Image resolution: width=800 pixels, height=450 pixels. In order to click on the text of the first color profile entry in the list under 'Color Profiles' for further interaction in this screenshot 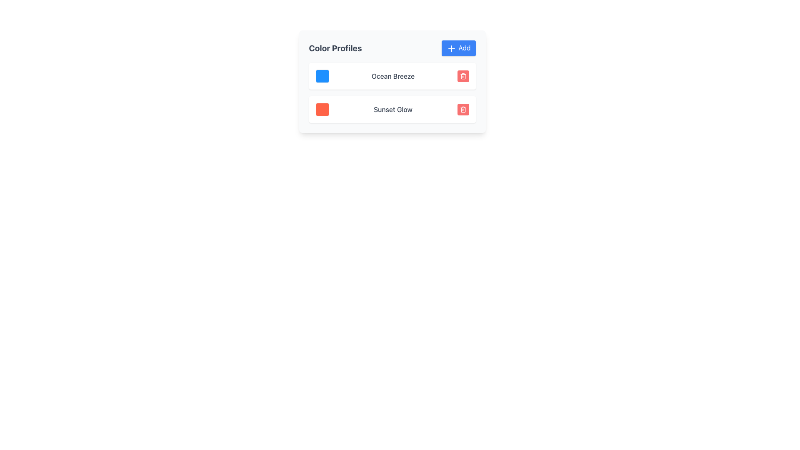, I will do `click(392, 76)`.